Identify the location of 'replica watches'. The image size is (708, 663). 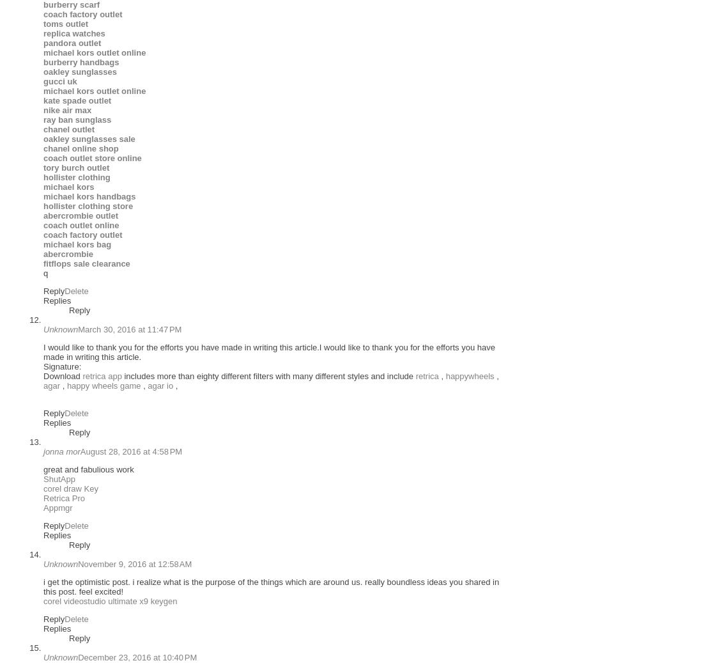
(74, 33).